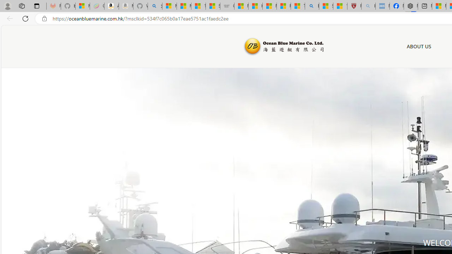 This screenshot has height=254, width=452. I want to click on 'Ocean Blue Marine', so click(283, 47).